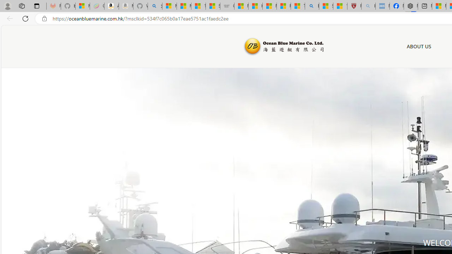 This screenshot has height=254, width=452. I want to click on 'Ocean Blue Marine', so click(283, 47).